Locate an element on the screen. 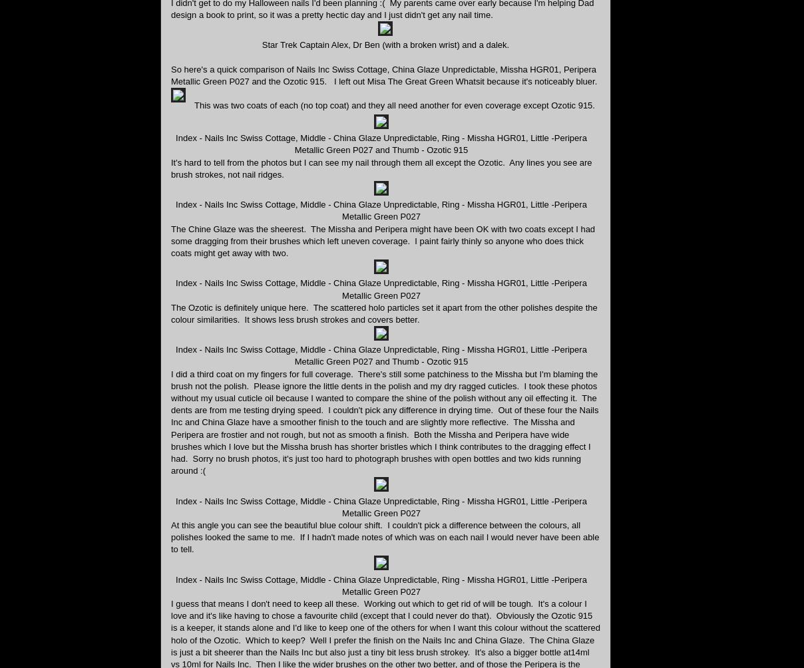 The height and width of the screenshot is (668, 804). 'It's hard to tell from the photos but I can see my nail through them all except the Ozotic.  Any lines you see are brush strokes, not nail ridges.' is located at coordinates (381, 168).